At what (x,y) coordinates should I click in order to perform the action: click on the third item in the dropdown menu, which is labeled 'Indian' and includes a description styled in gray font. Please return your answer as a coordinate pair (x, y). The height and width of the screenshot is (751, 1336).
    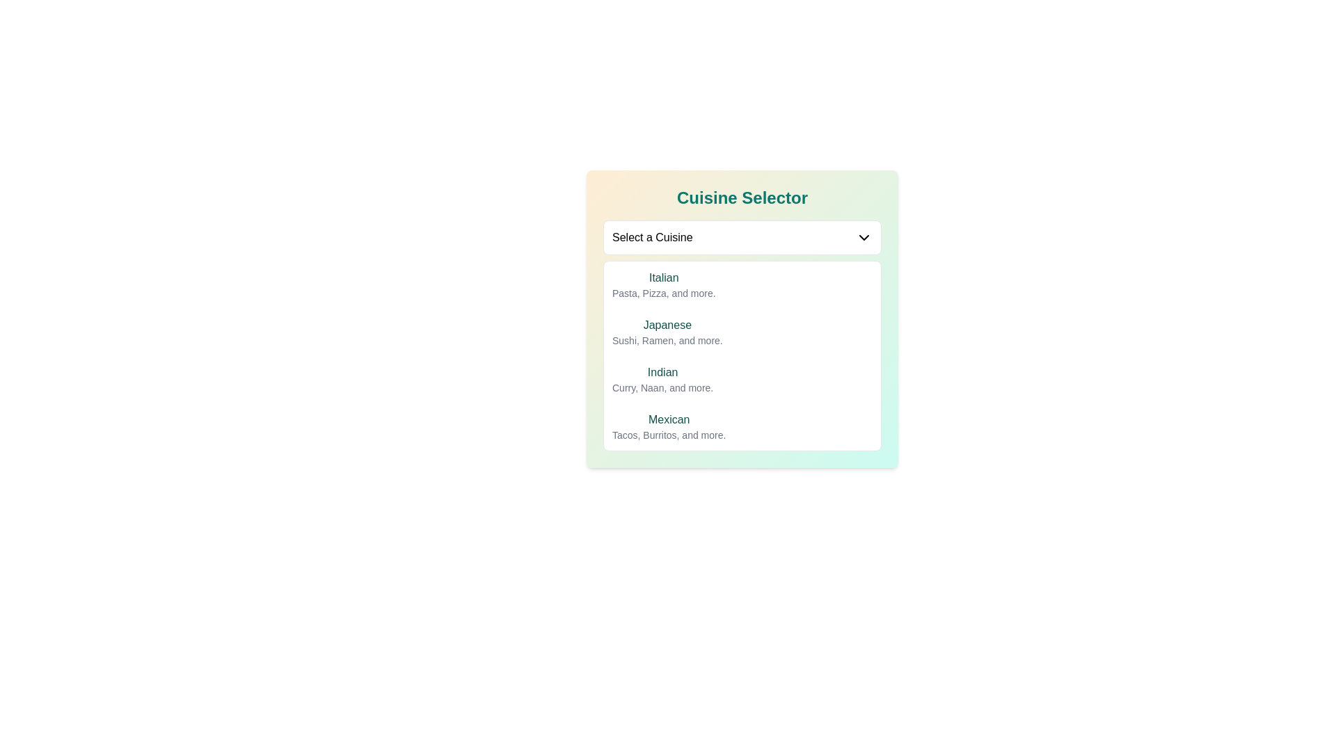
    Looking at the image, I should click on (741, 380).